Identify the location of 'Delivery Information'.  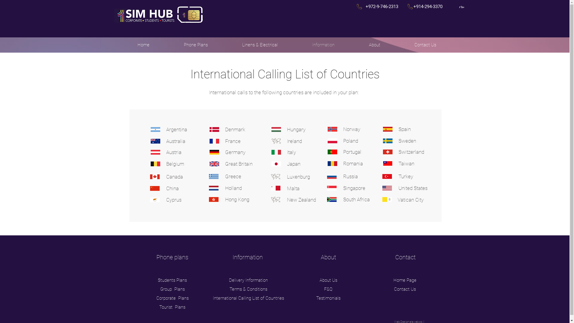
(248, 280).